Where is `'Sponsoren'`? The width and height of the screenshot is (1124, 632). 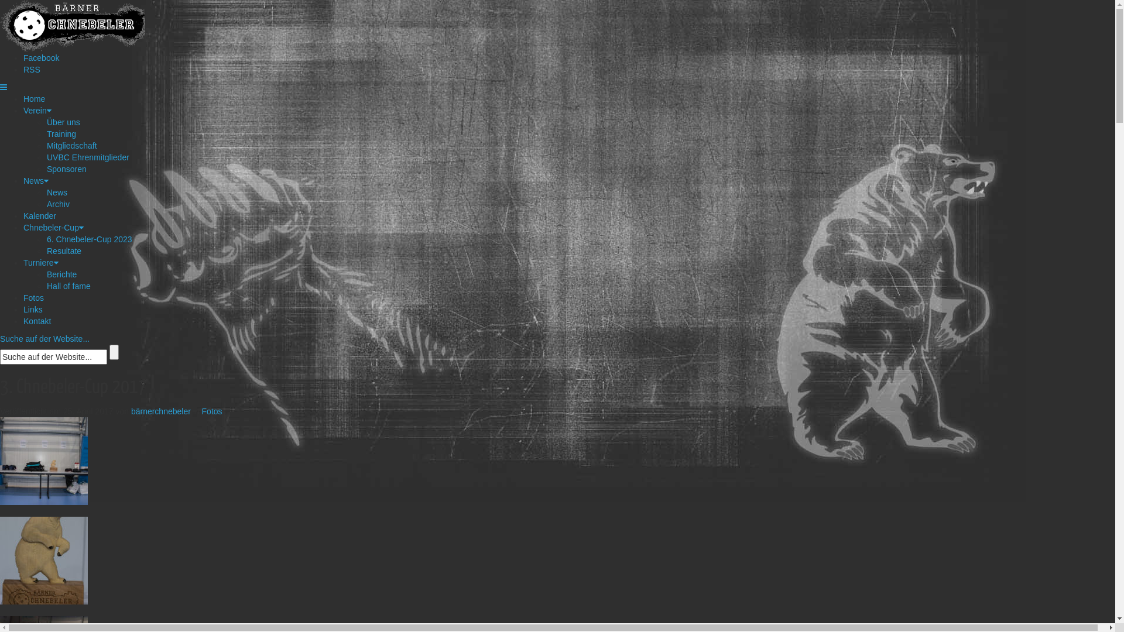
'Sponsoren' is located at coordinates (66, 169).